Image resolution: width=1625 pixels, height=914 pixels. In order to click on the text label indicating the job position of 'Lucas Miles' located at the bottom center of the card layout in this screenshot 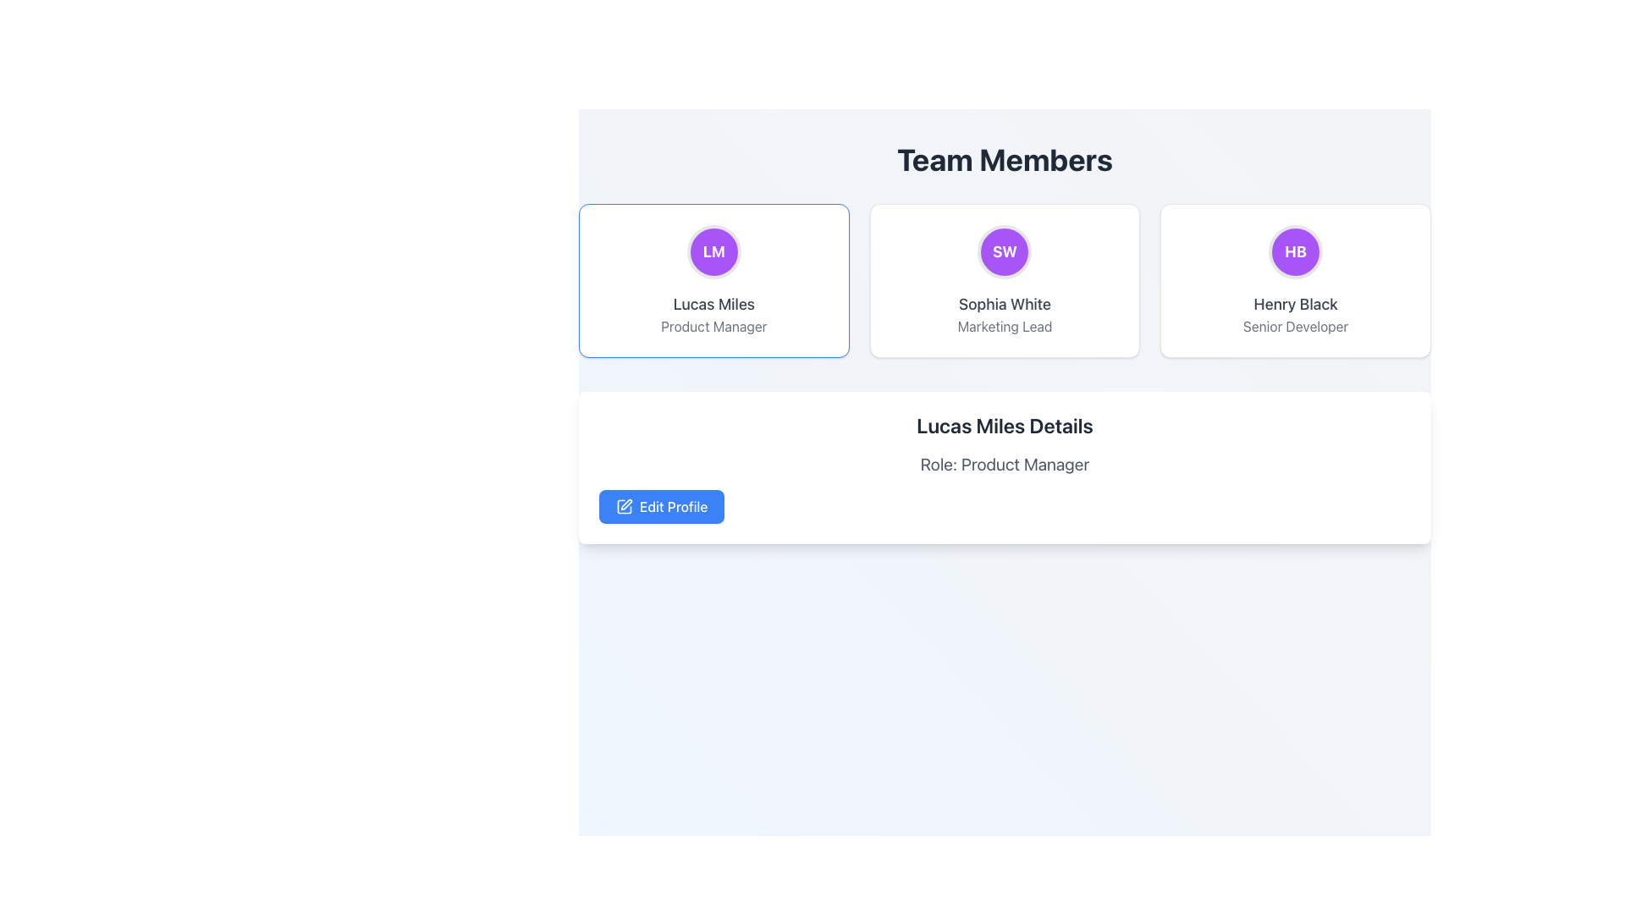, I will do `click(713, 326)`.